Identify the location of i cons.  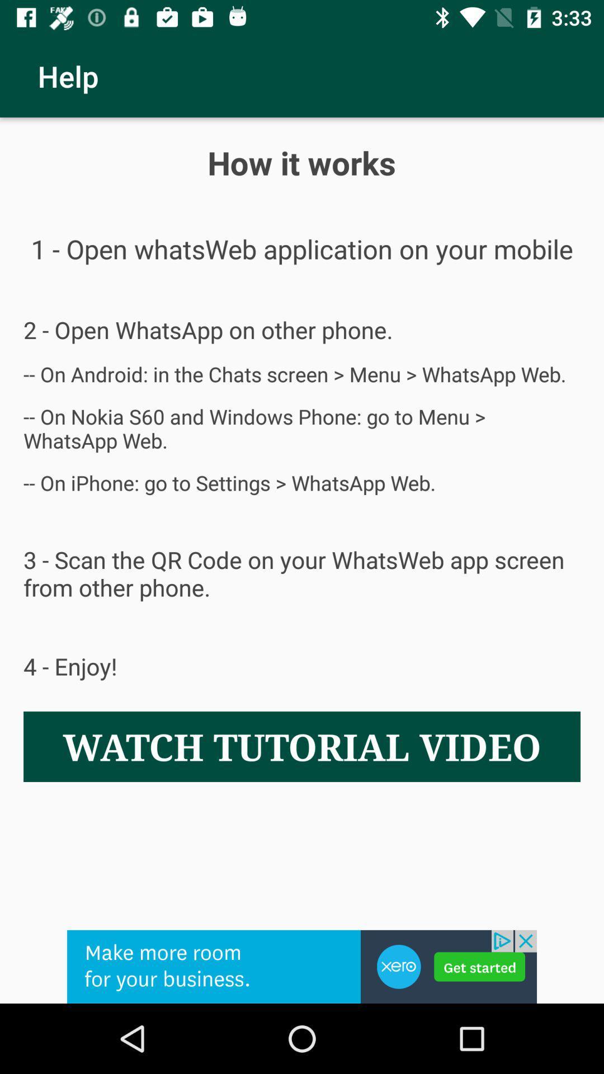
(302, 966).